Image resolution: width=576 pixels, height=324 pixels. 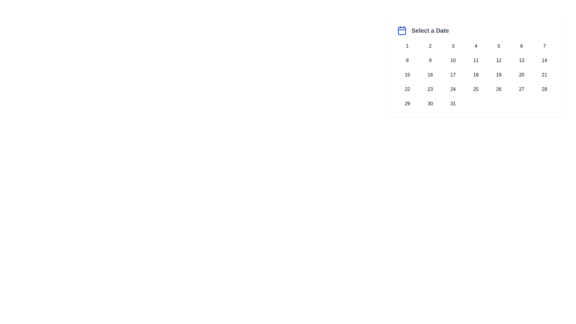 What do you see at coordinates (521, 75) in the screenshot?
I see `the button` at bounding box center [521, 75].